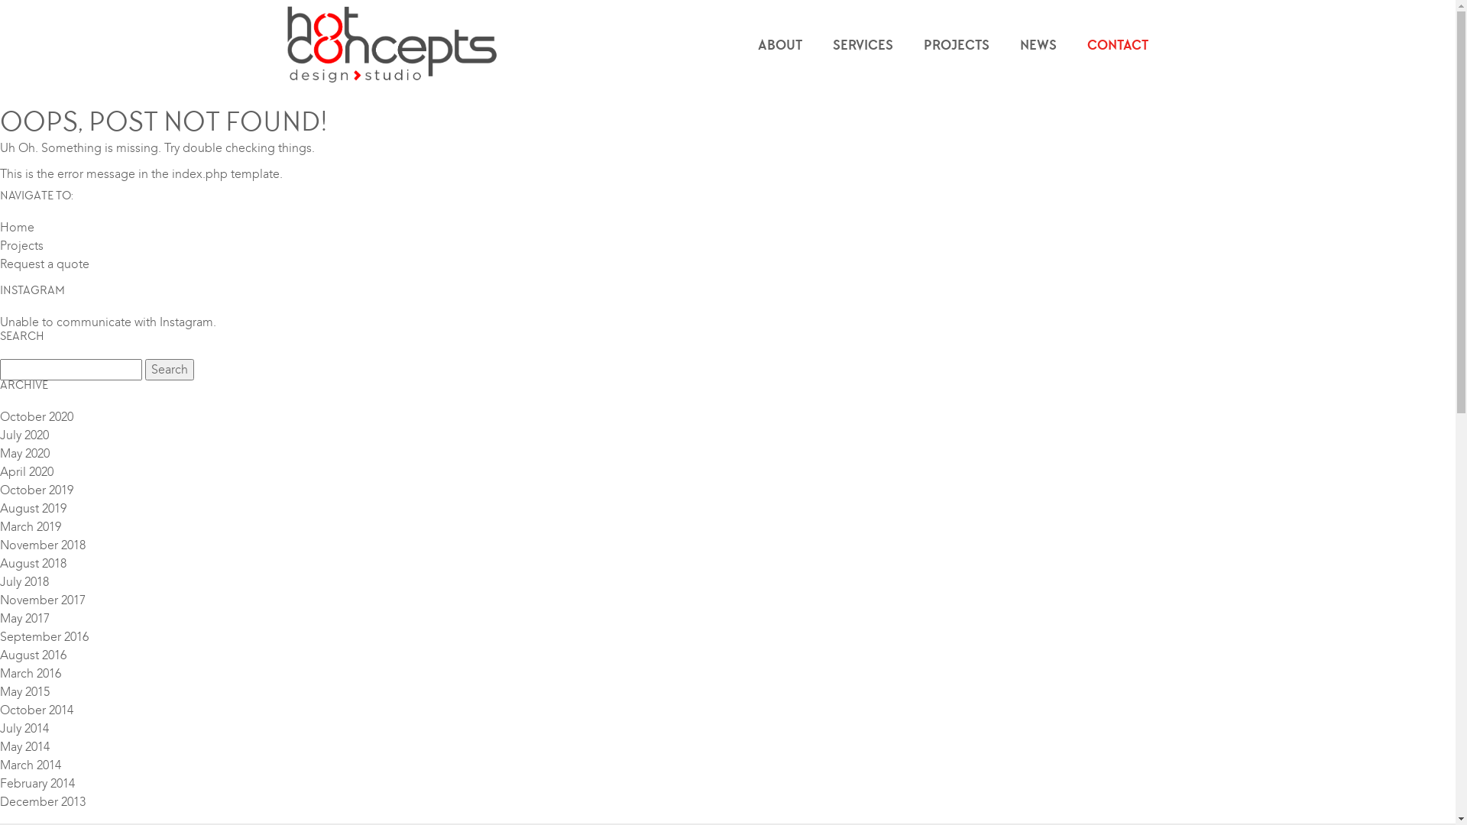  I want to click on 'Home', so click(17, 227).